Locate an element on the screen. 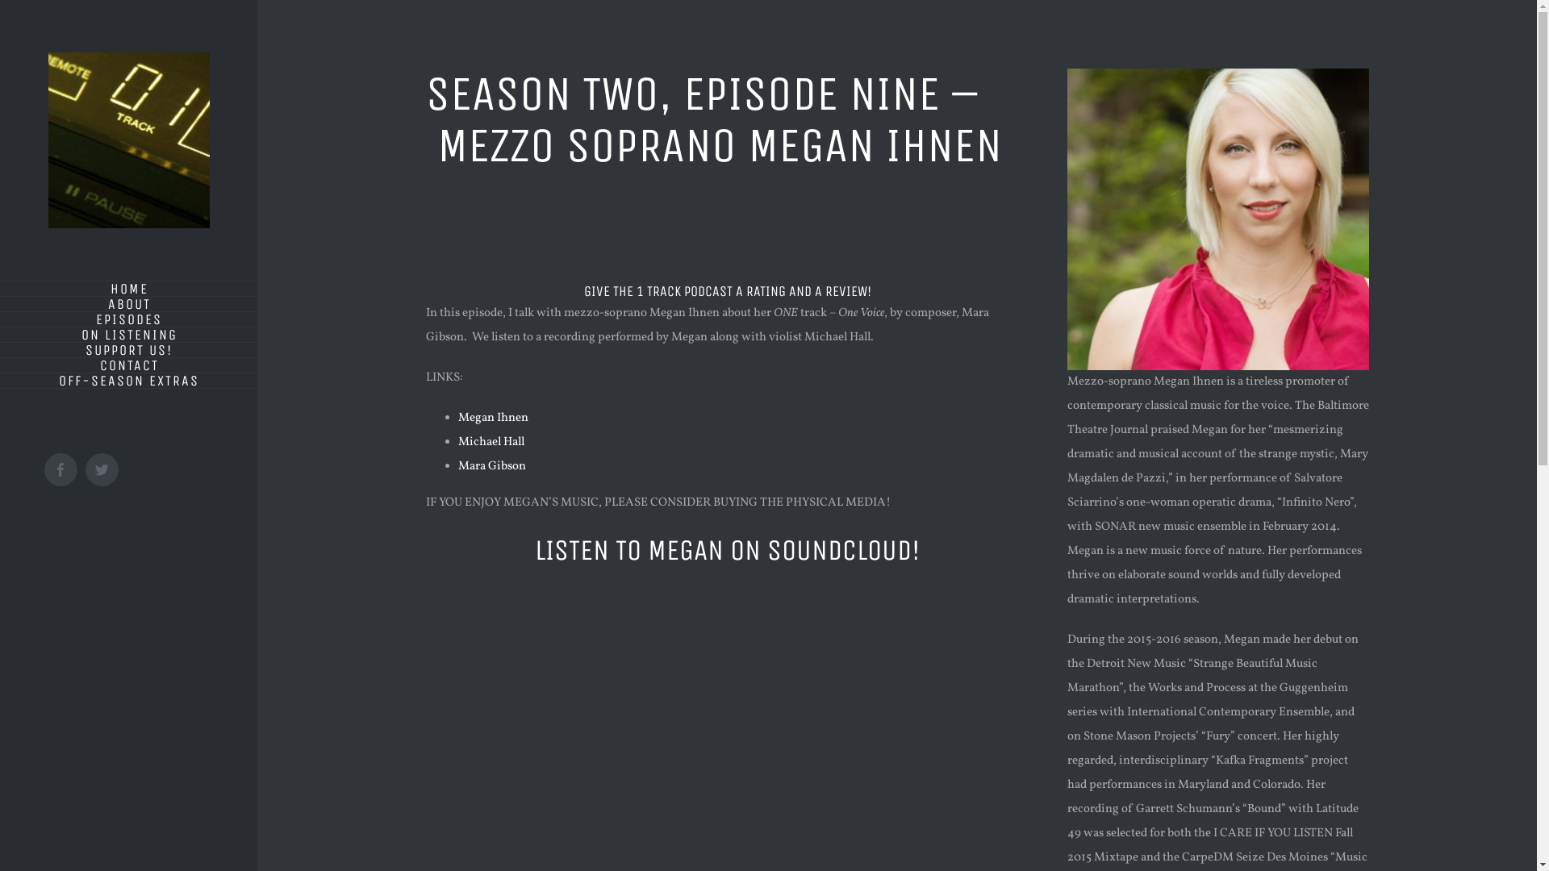 The width and height of the screenshot is (1549, 871). 'ON LISTENING' is located at coordinates (127, 334).